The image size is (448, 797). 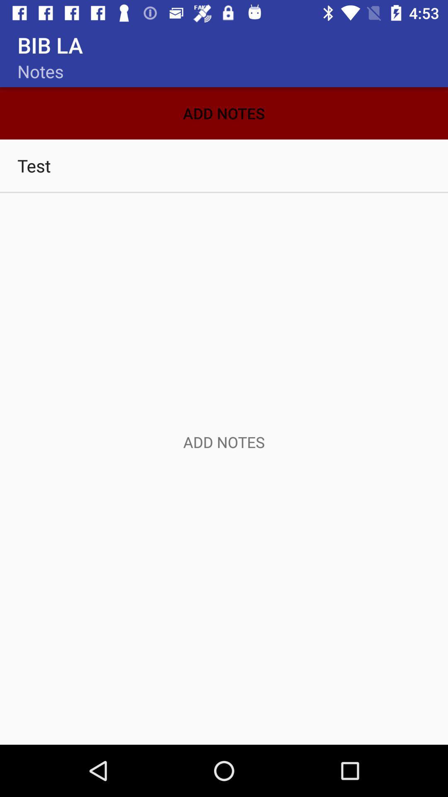 What do you see at coordinates (224, 165) in the screenshot?
I see `icon below the add notes icon` at bounding box center [224, 165].